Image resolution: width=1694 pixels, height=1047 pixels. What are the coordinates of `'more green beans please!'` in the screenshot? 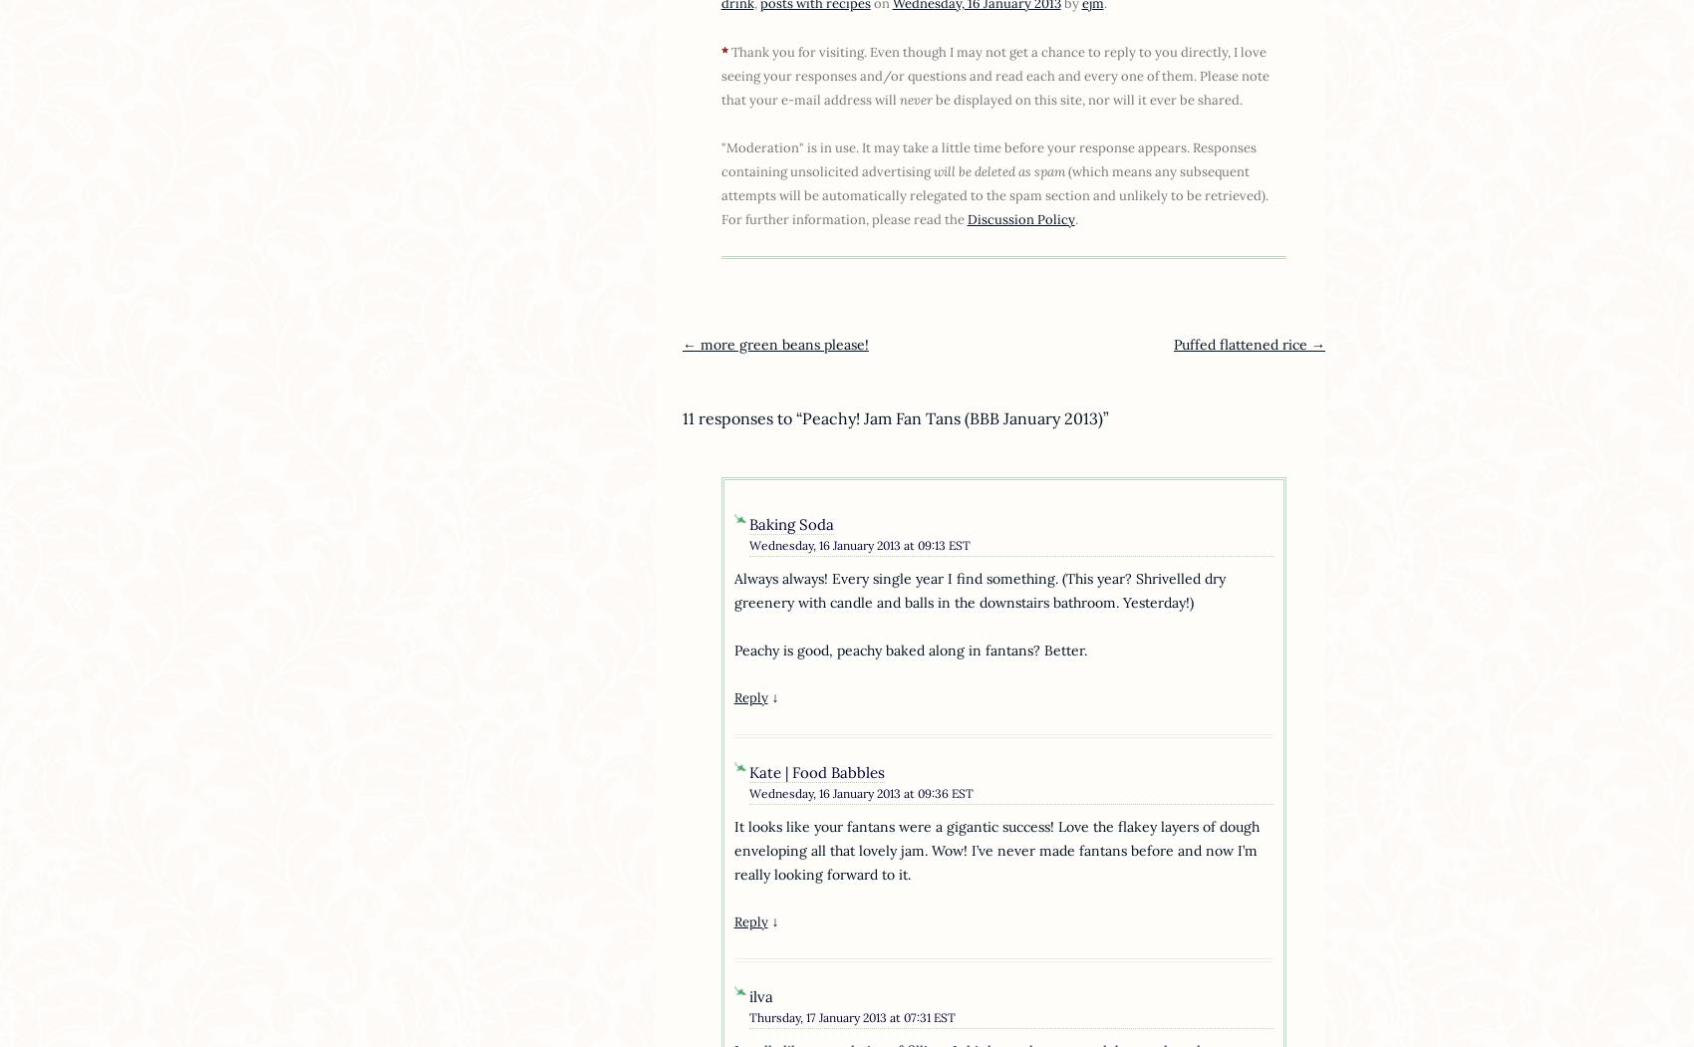 It's located at (780, 344).